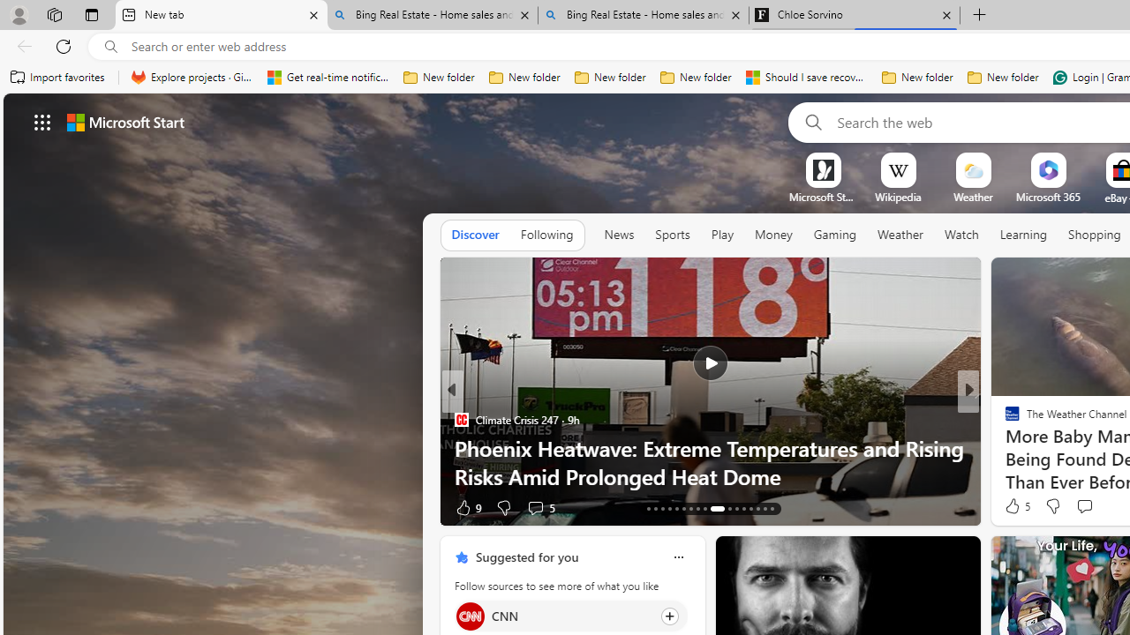 The width and height of the screenshot is (1130, 635). I want to click on '5 Like', so click(1016, 506).